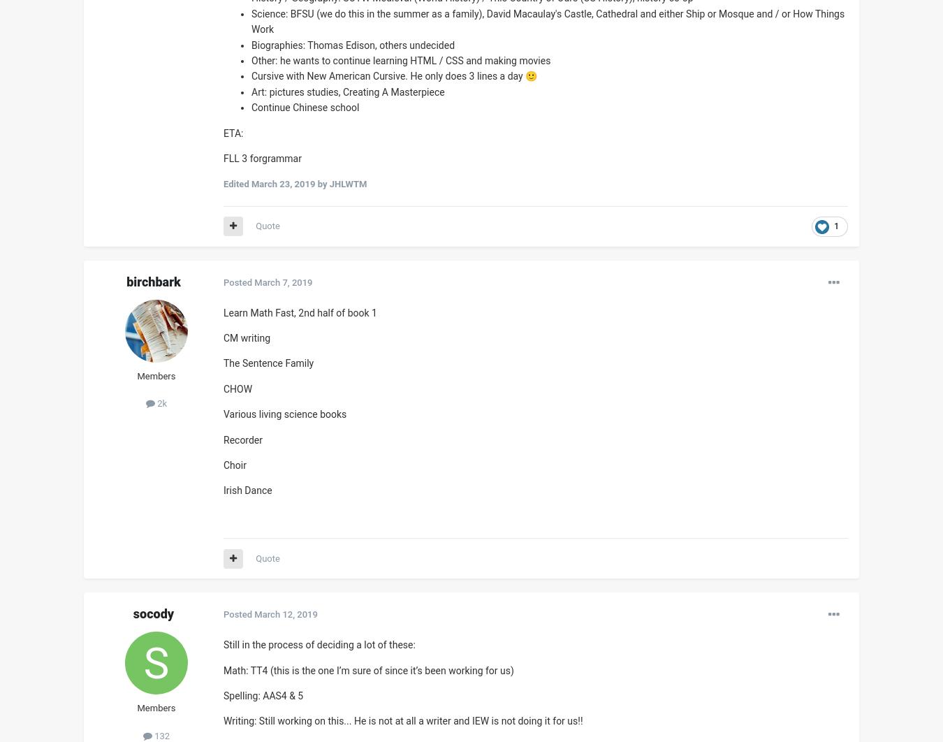 The width and height of the screenshot is (943, 742). I want to click on 'March 12, 2019', so click(286, 613).